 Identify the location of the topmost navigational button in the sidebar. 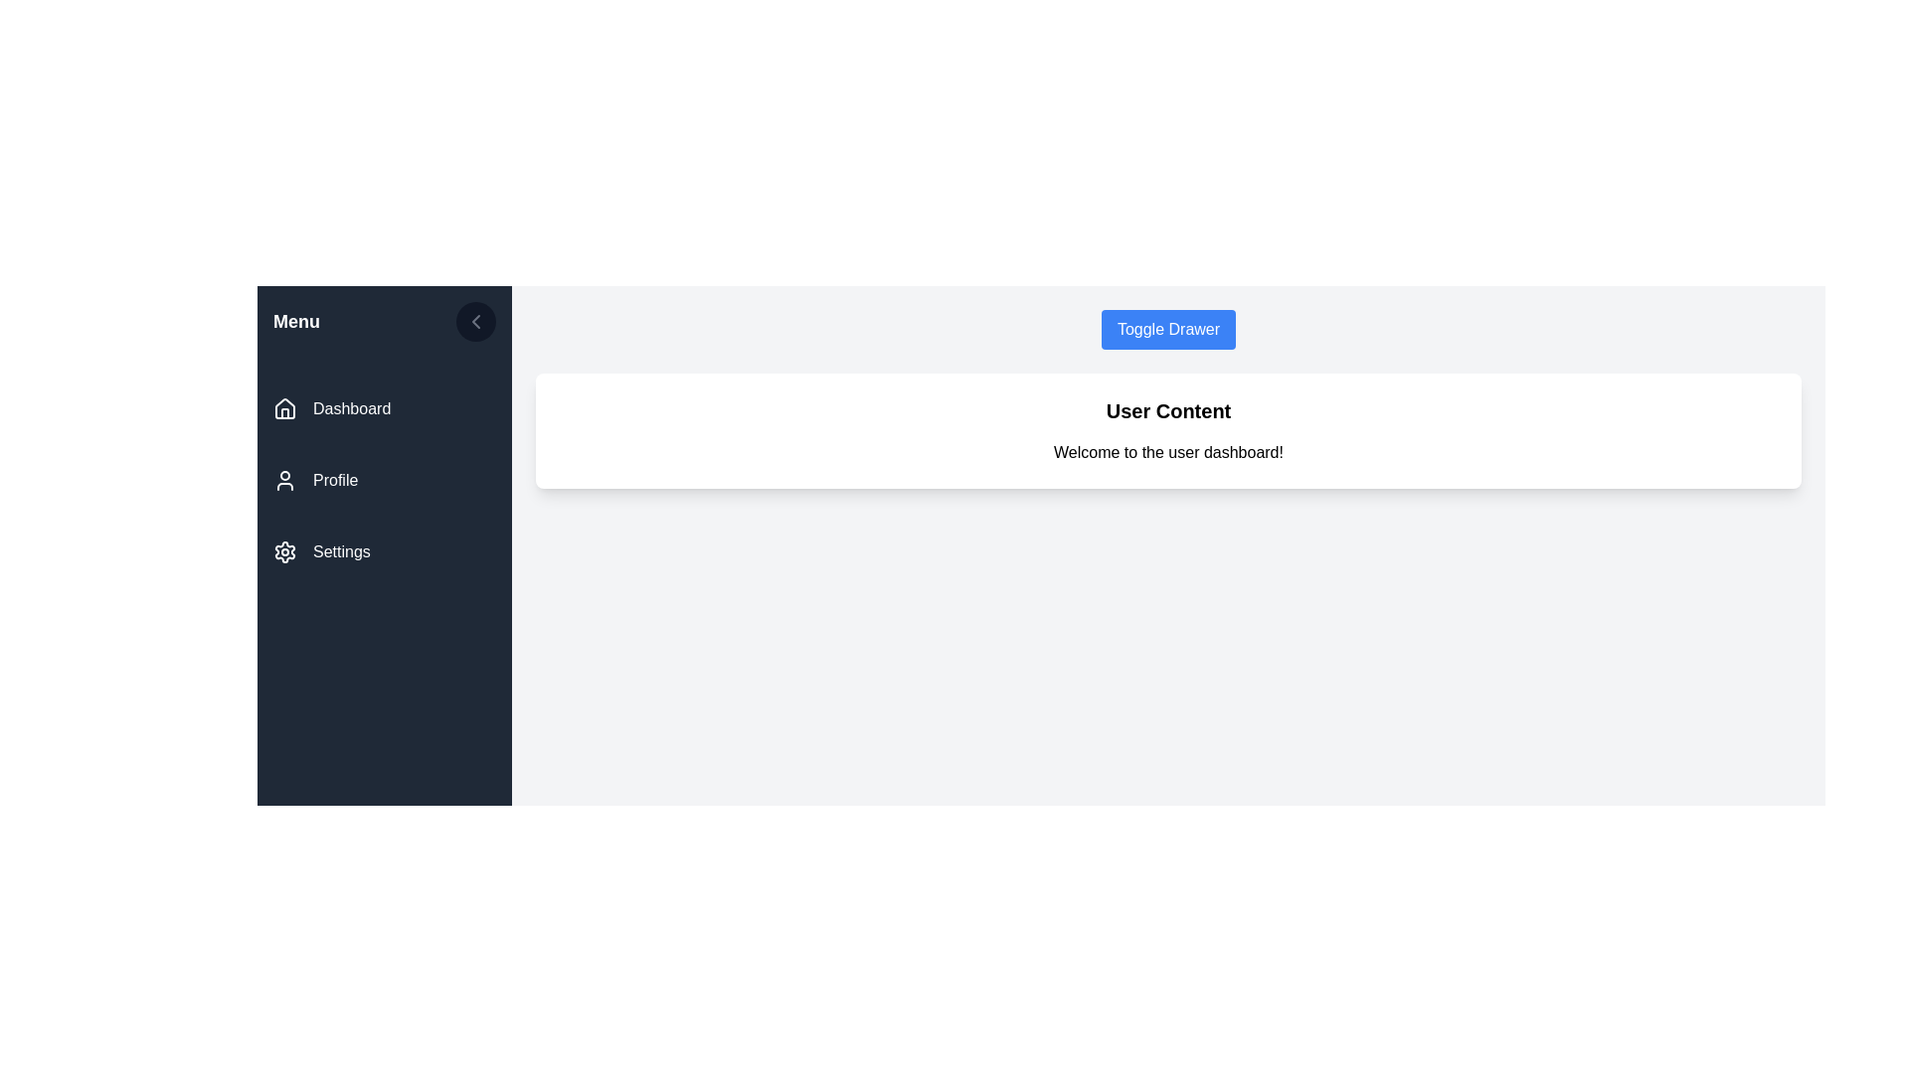
(385, 408).